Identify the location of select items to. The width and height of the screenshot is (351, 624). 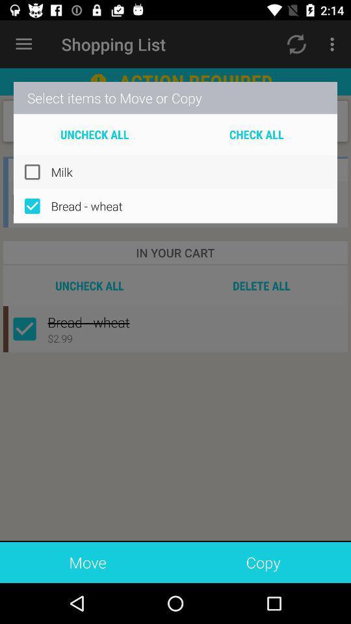
(175, 97).